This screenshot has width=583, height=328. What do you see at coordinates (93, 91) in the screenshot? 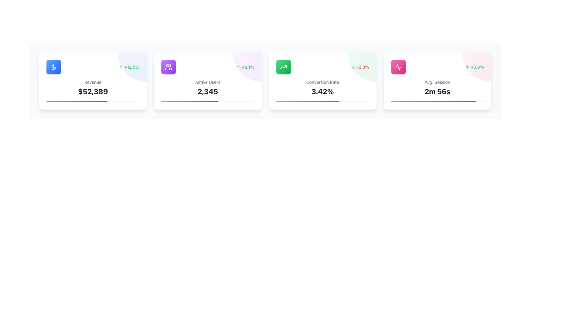
I see `the text label displaying '$52,389', which is bold and dark gray, located below the 'Revenue' label and above a progress bar` at bounding box center [93, 91].